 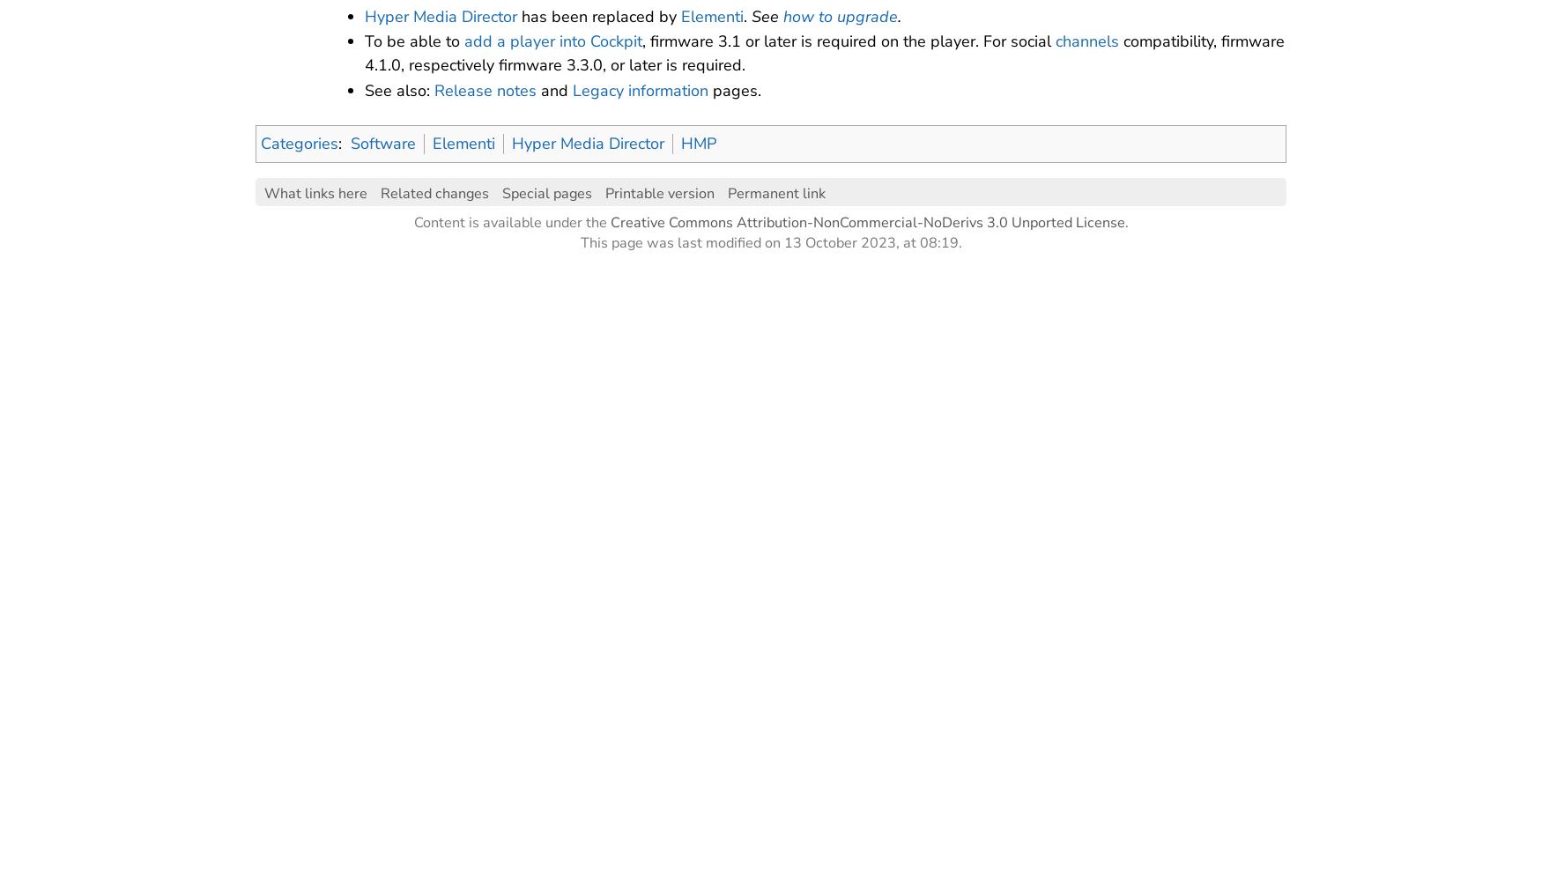 I want to click on 'Creative Commons Attribution-NonCommercial-NoDerivs 3.0 Unported License', so click(x=867, y=222).